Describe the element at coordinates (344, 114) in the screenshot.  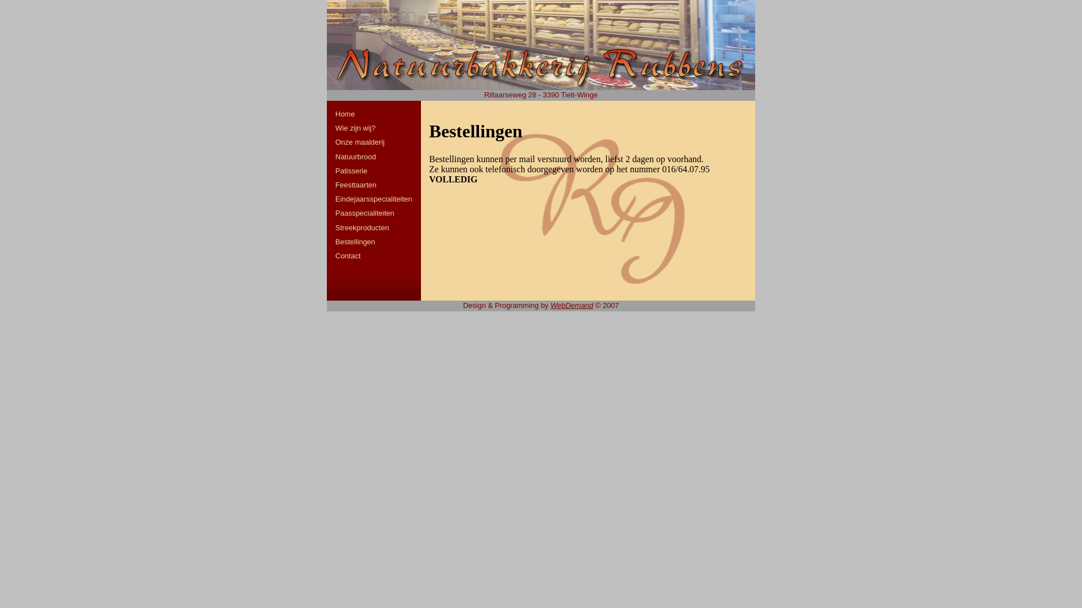
I see `'Home'` at that location.